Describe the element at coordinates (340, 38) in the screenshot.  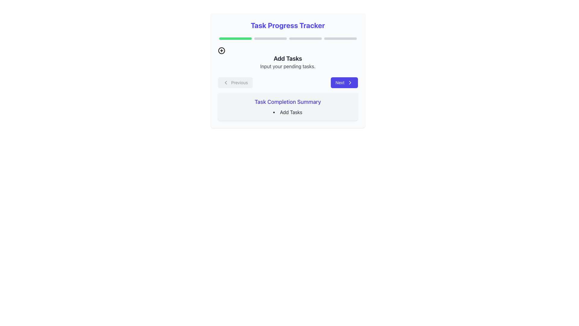
I see `the fourth segment of the progress bar, which is a thin, rounded rectangle with a light gray background, indicating an inactive state` at that location.